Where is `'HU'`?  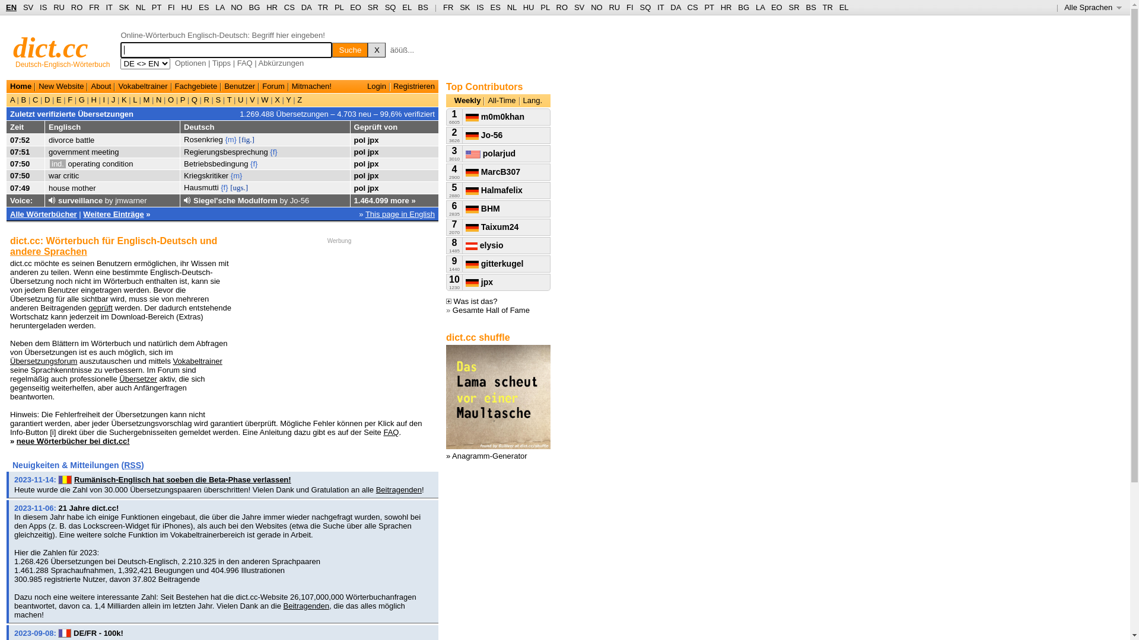 'HU' is located at coordinates (186, 7).